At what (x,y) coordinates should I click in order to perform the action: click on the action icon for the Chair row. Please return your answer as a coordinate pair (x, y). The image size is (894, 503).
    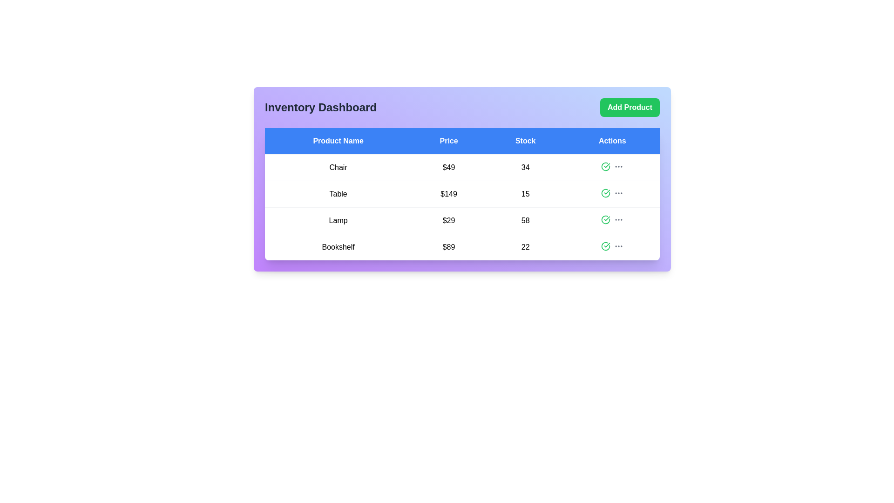
    Looking at the image, I should click on (605, 166).